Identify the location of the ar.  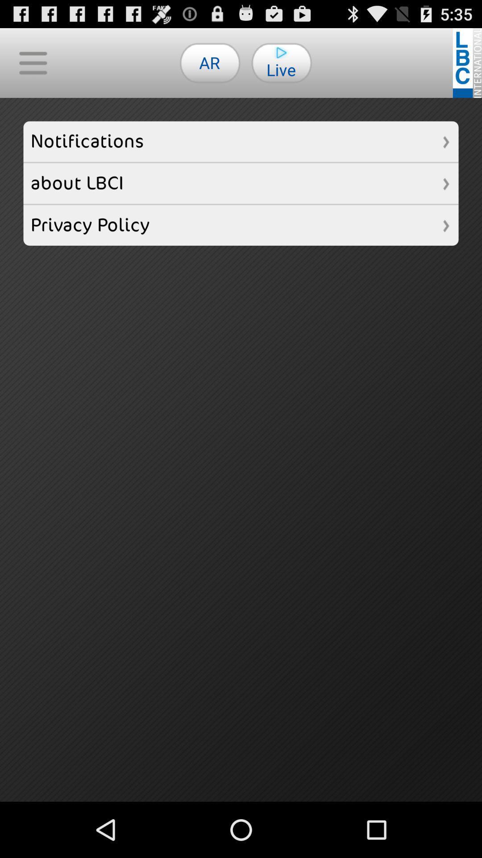
(210, 62).